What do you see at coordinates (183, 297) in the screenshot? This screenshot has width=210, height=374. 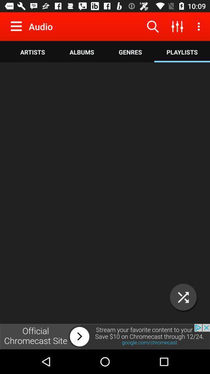 I see `the close icon` at bounding box center [183, 297].